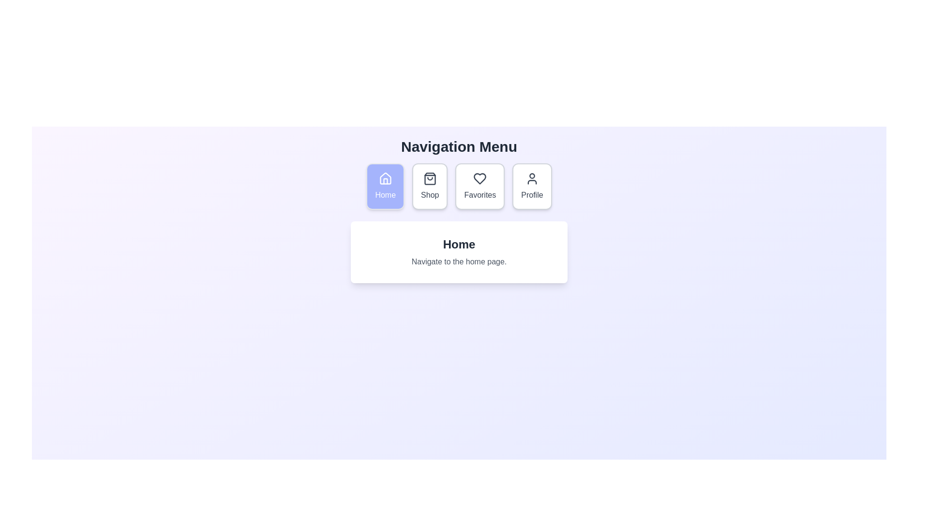  I want to click on the 'Profile' button, which is a rectangular icon with rounded edges featuring a user icon and labeled 'Profile' below it, so click(531, 186).